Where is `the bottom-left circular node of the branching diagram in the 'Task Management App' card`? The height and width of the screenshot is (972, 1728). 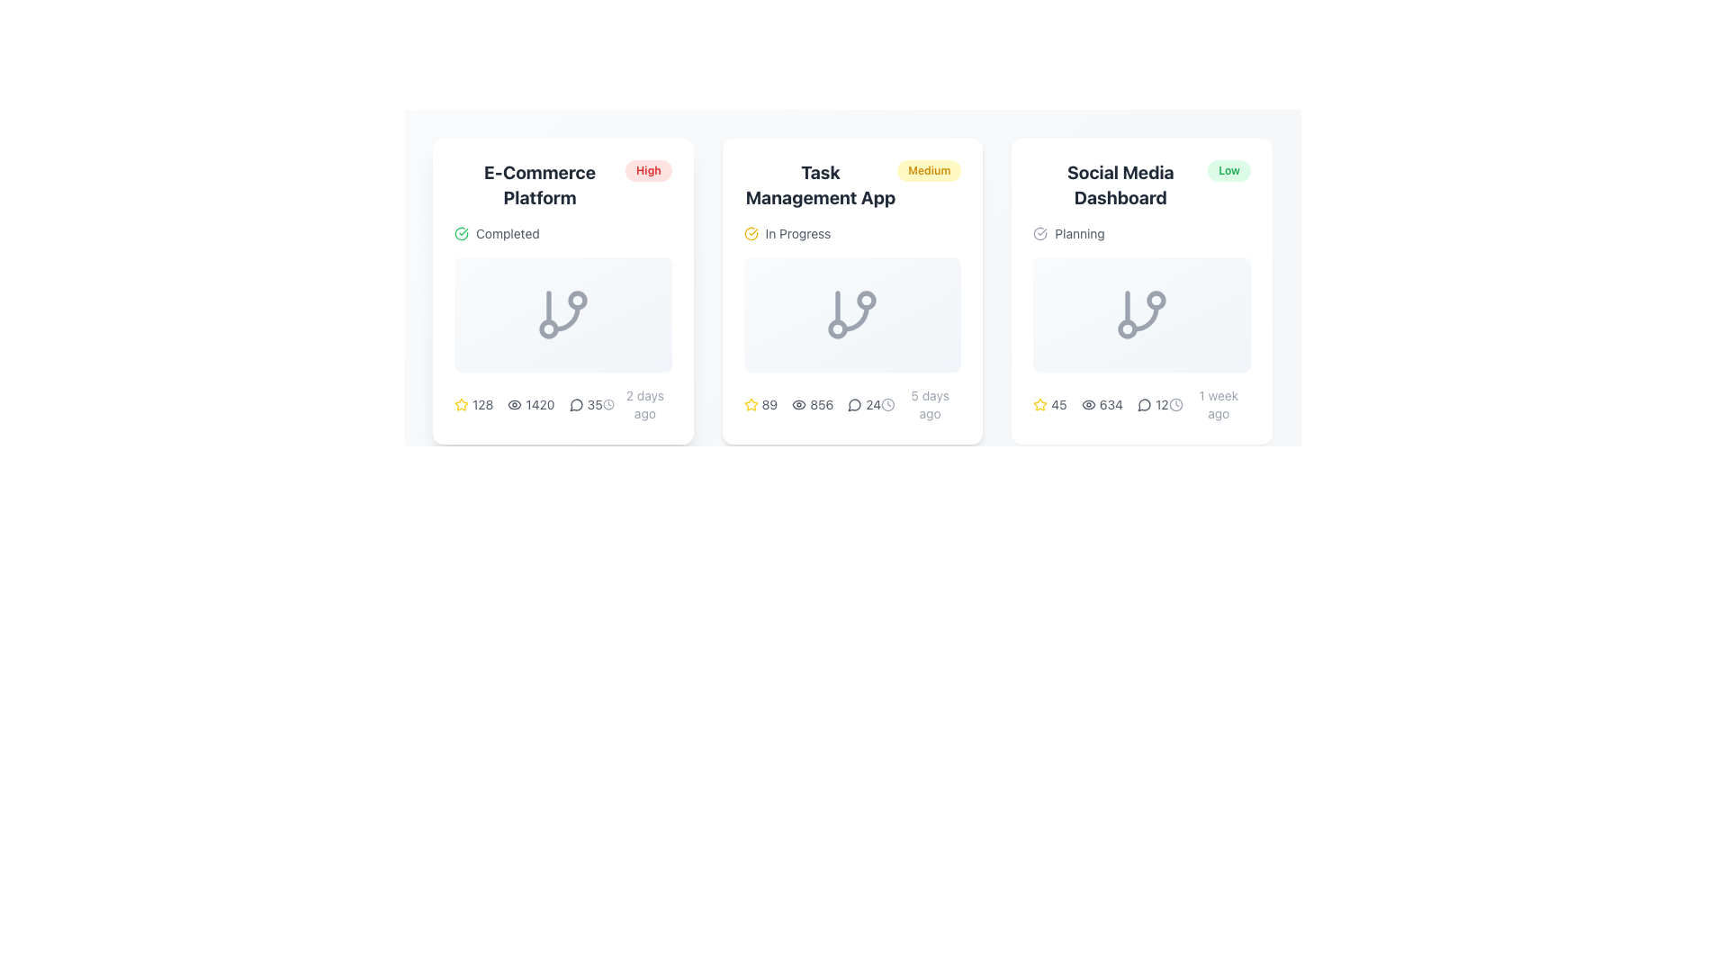
the bottom-left circular node of the branching diagram in the 'Task Management App' card is located at coordinates (837, 329).